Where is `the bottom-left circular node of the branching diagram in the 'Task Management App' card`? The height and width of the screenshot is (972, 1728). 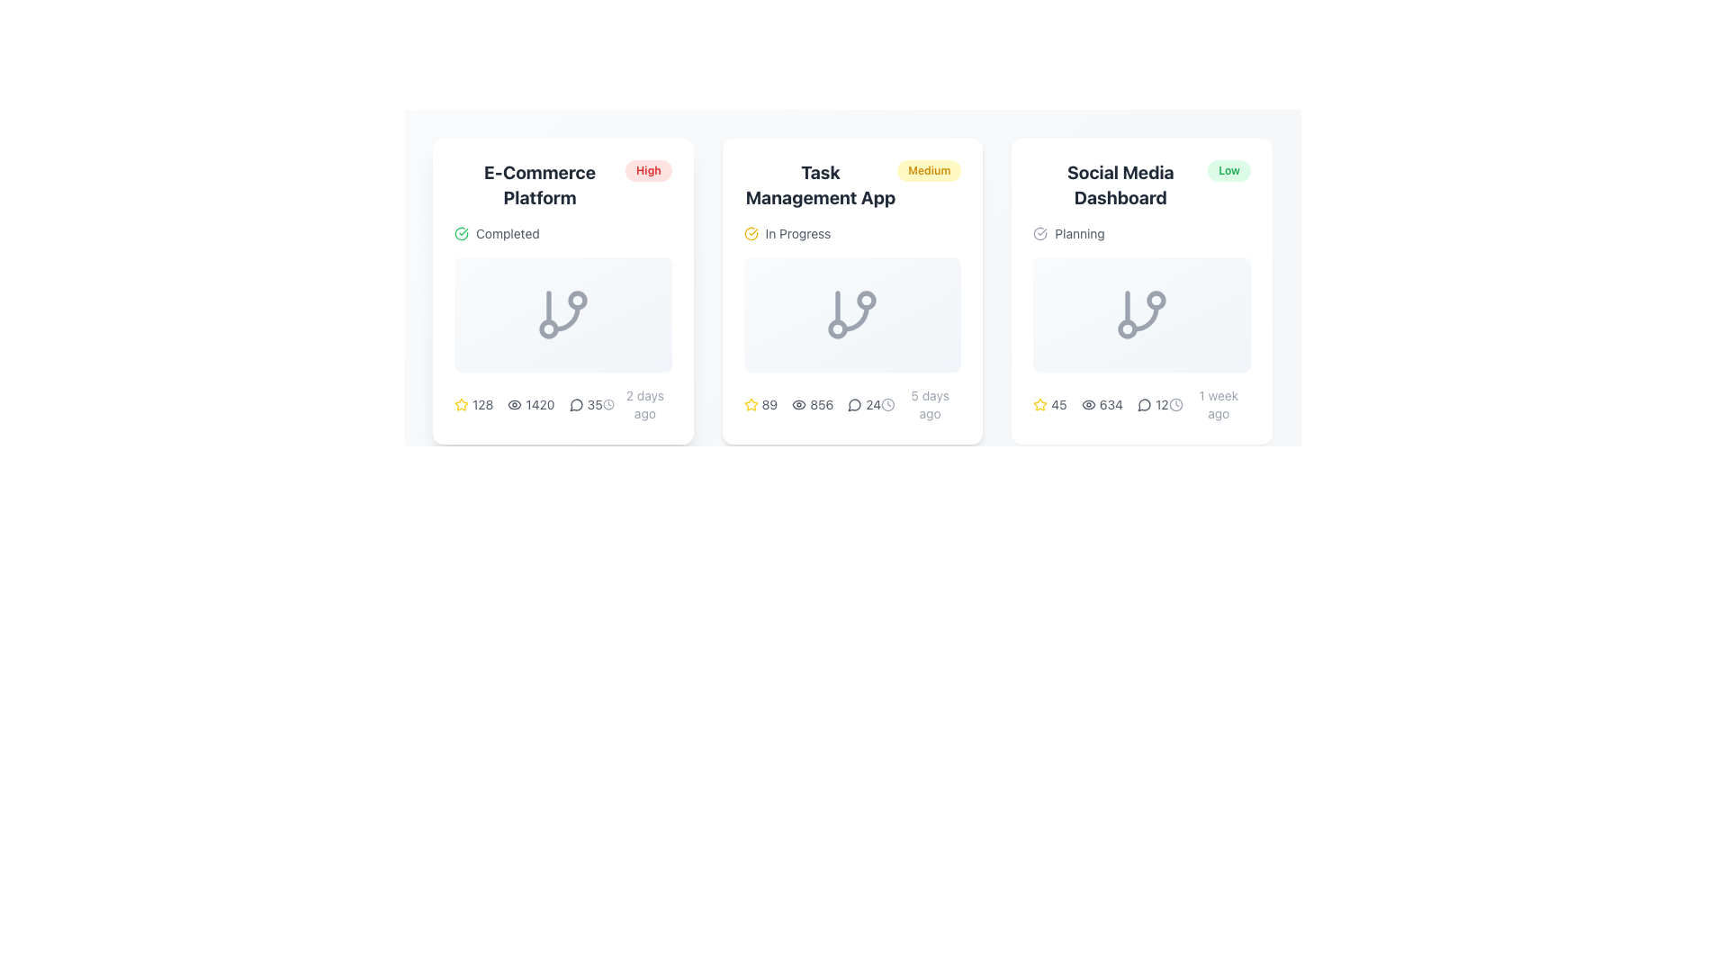
the bottom-left circular node of the branching diagram in the 'Task Management App' card is located at coordinates (837, 329).